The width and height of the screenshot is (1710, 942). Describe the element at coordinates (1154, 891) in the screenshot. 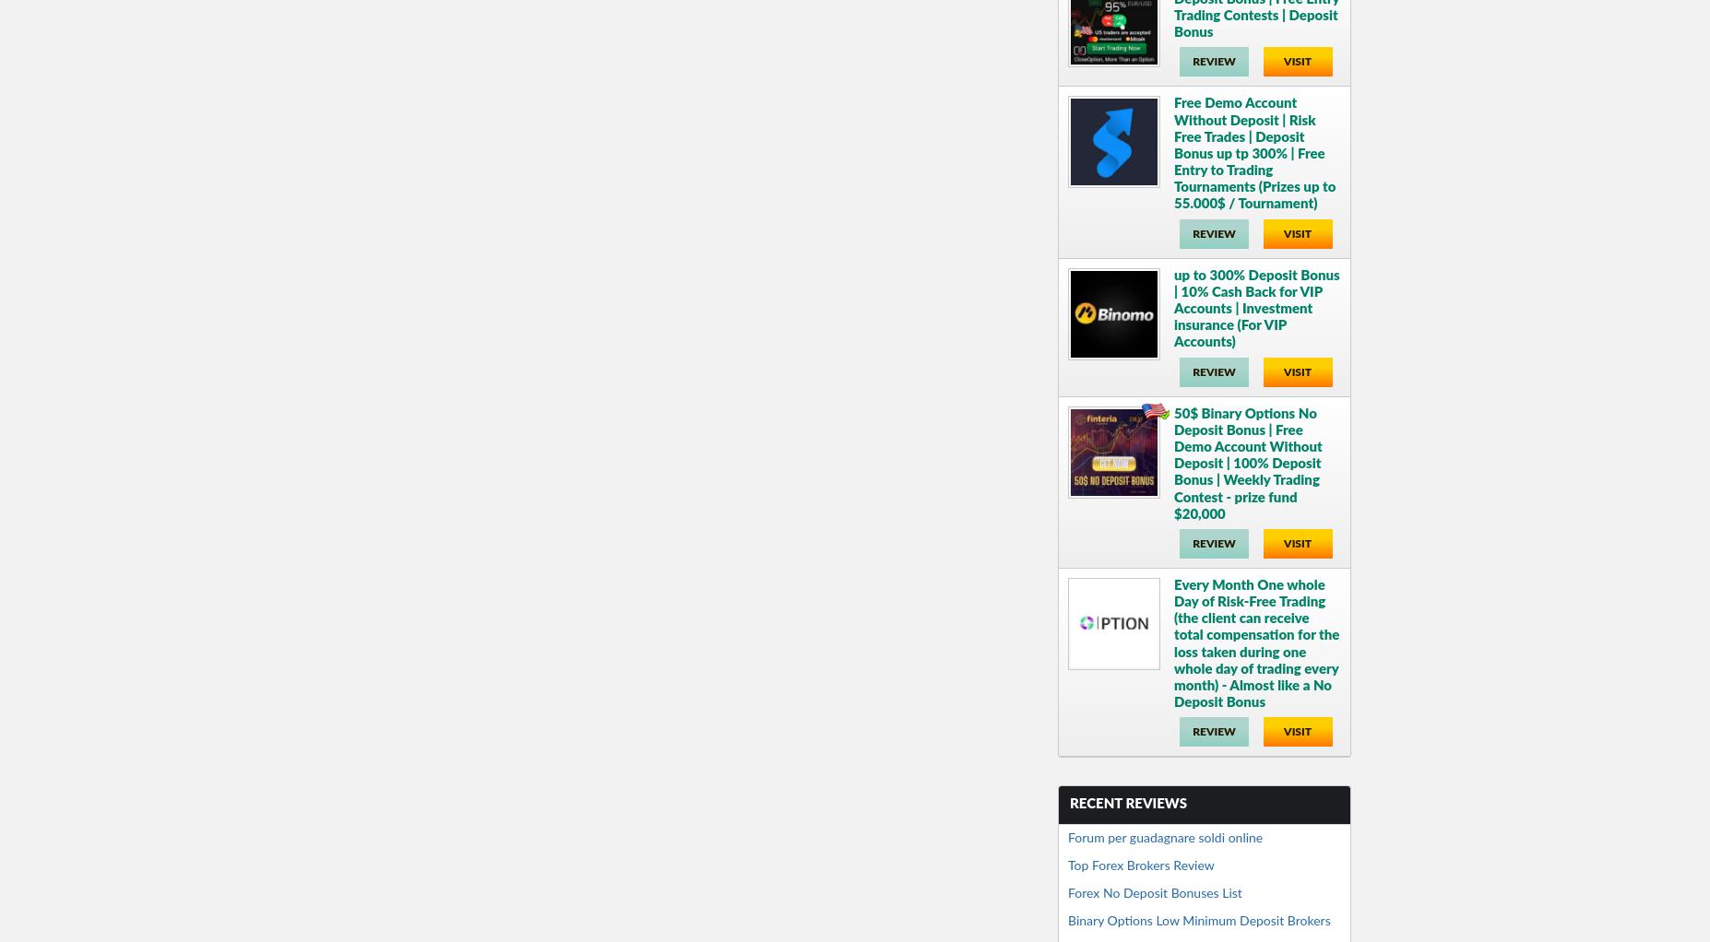

I see `'Forex No Deposit Bonuses List'` at that location.